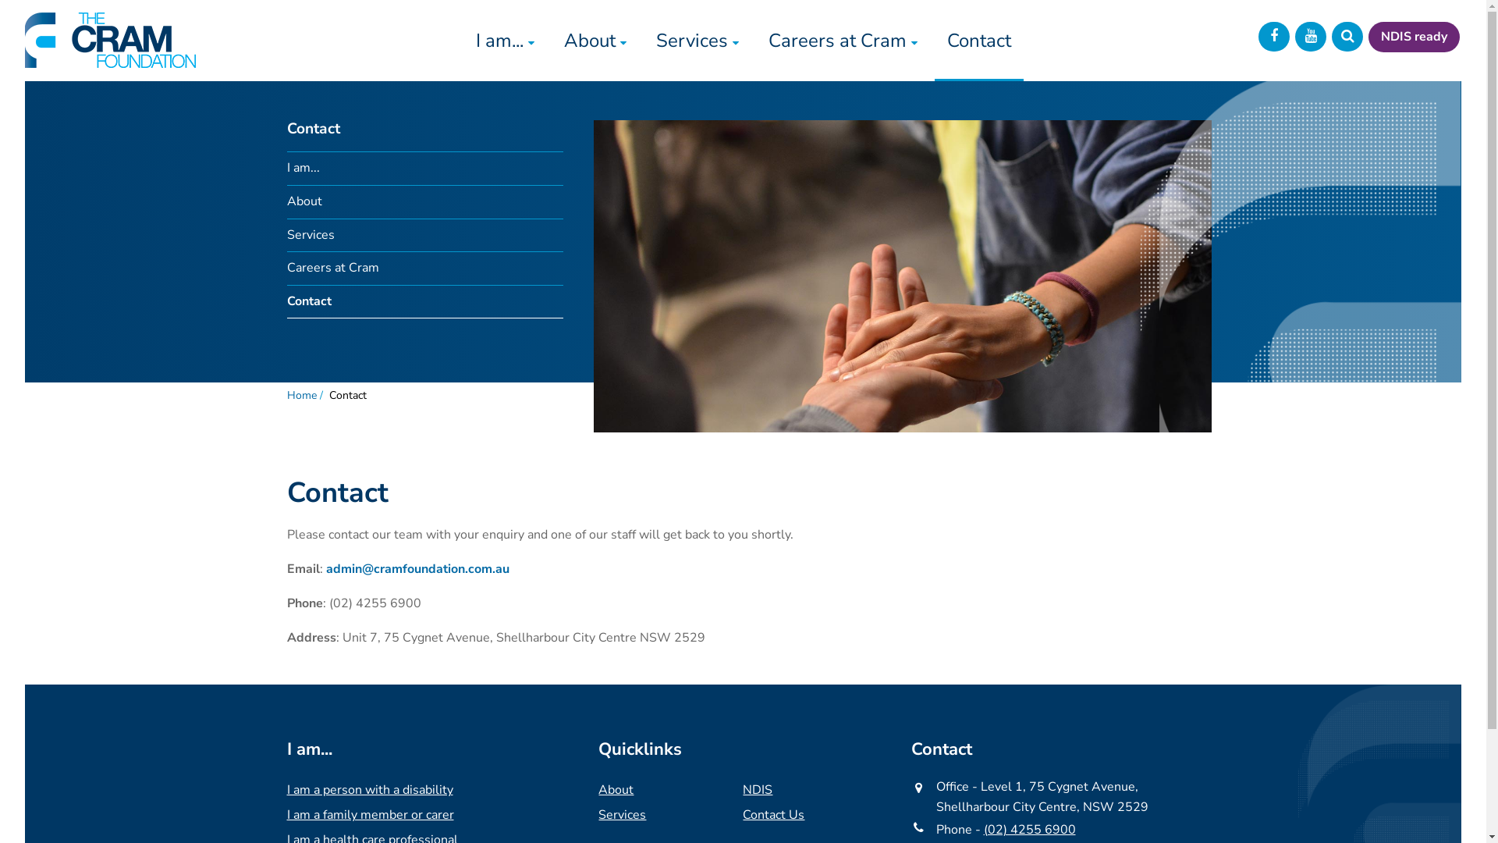 The width and height of the screenshot is (1498, 843). What do you see at coordinates (1414, 36) in the screenshot?
I see `'NDIS ready'` at bounding box center [1414, 36].